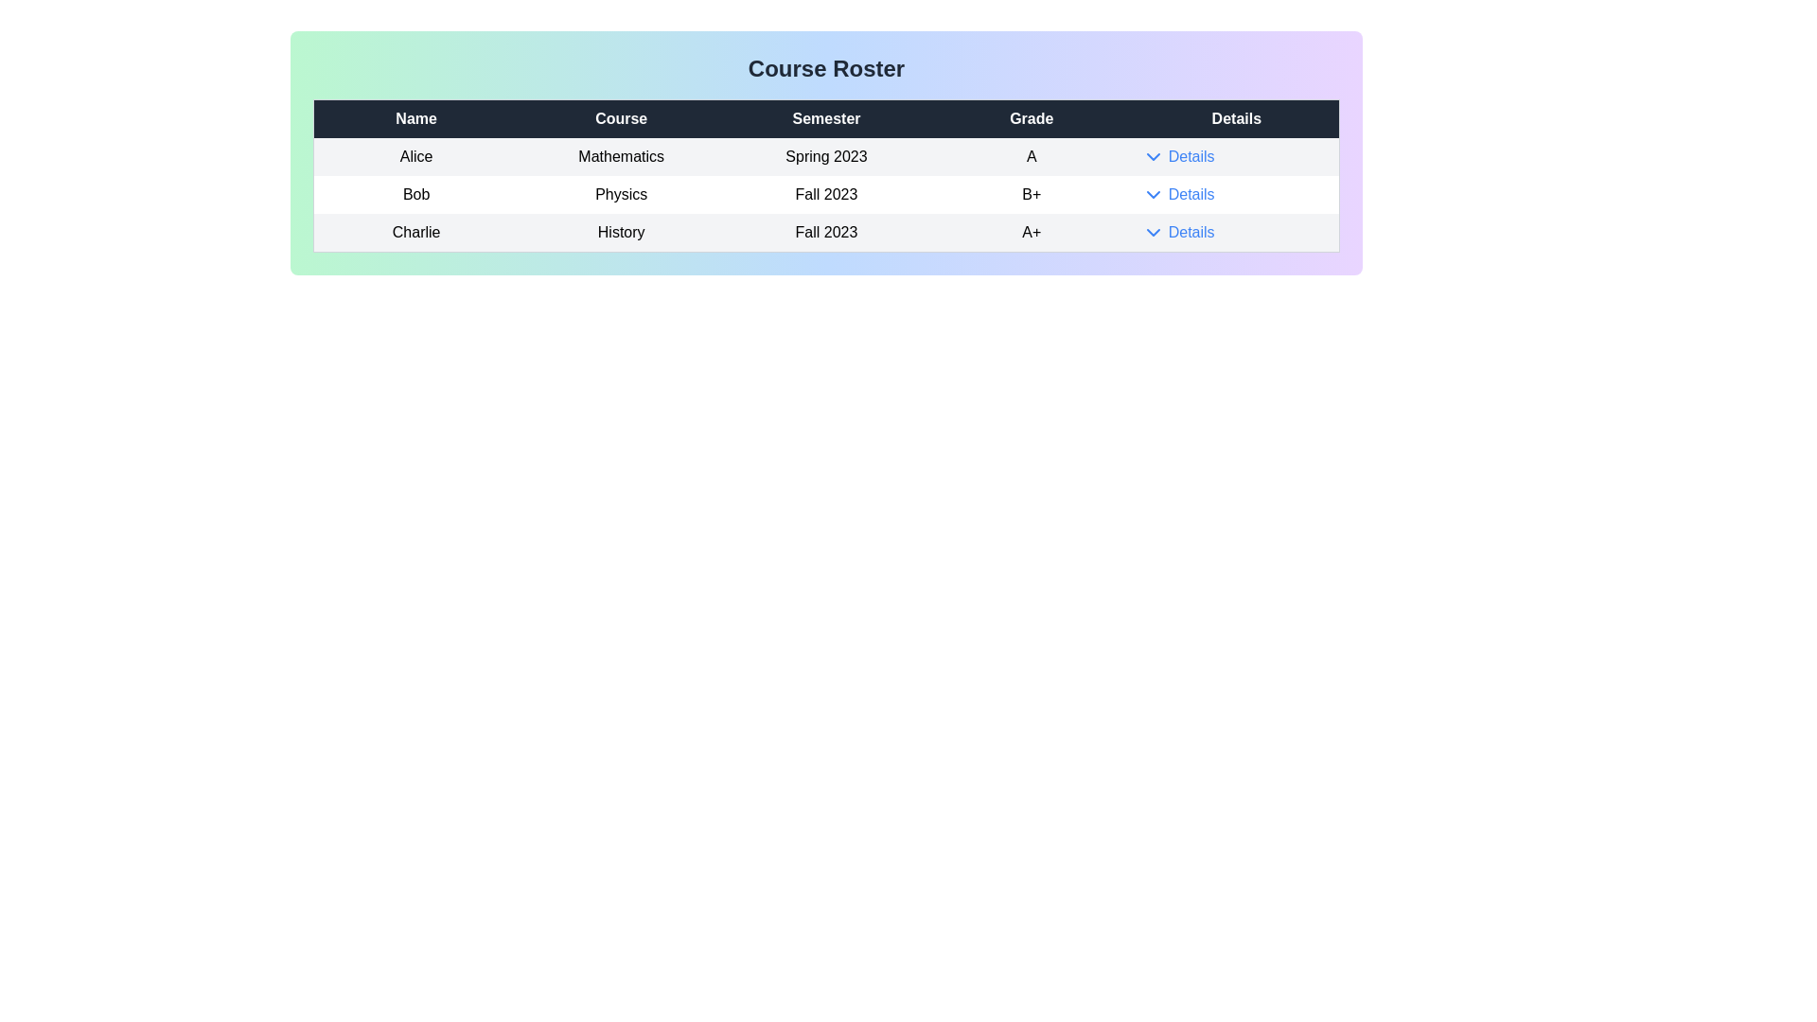 This screenshot has height=1022, width=1817. I want to click on the blue 'Details' LinkButton with a downward-pointing chevron icon located in the first row of the table under the 'Details' column to observe hover effects, so click(1177, 155).